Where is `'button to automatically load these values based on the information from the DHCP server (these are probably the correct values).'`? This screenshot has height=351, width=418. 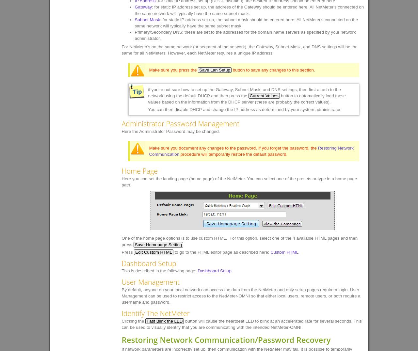
'button to automatically load these values based on the information from the DHCP server (these are probably the correct values).' is located at coordinates (246, 98).